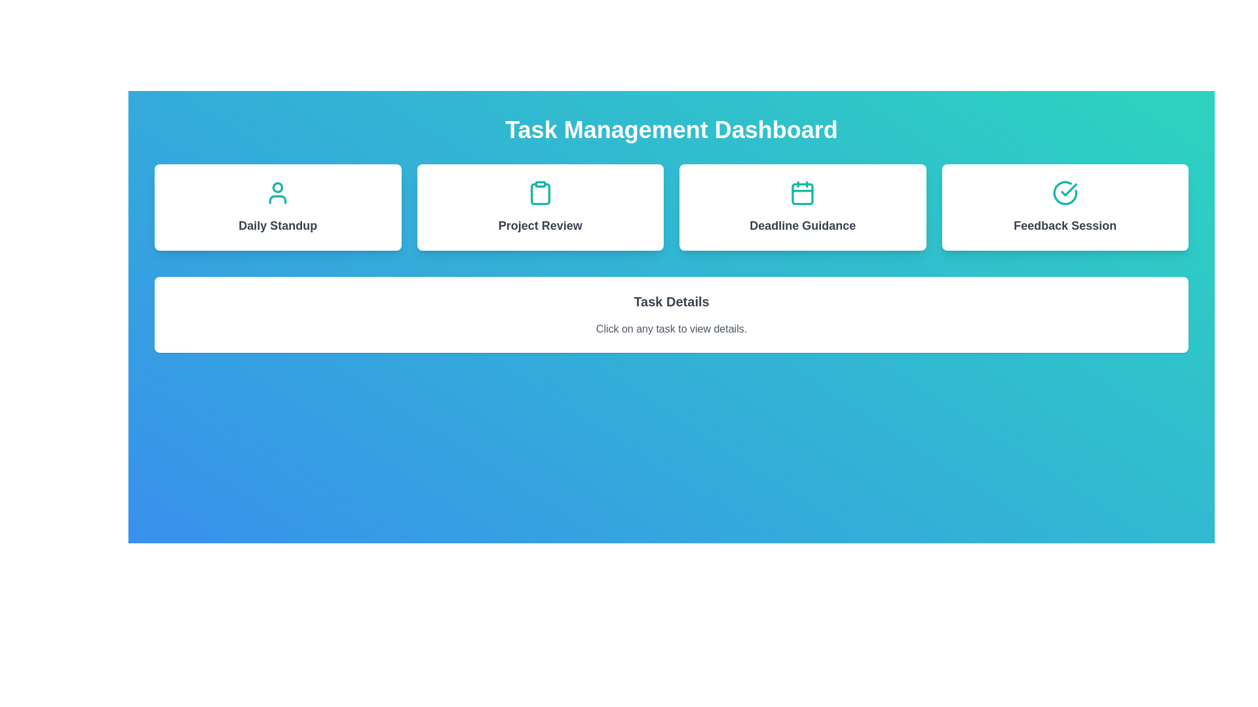  What do you see at coordinates (1065, 192) in the screenshot?
I see `the 'Feedback Session' icon located at the top-center of the 'Feedback Session' card in the 'Task Management Dashboard'` at bounding box center [1065, 192].